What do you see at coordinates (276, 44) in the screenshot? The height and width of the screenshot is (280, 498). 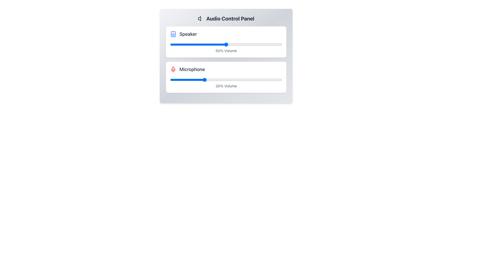 I see `the speaker volume` at bounding box center [276, 44].